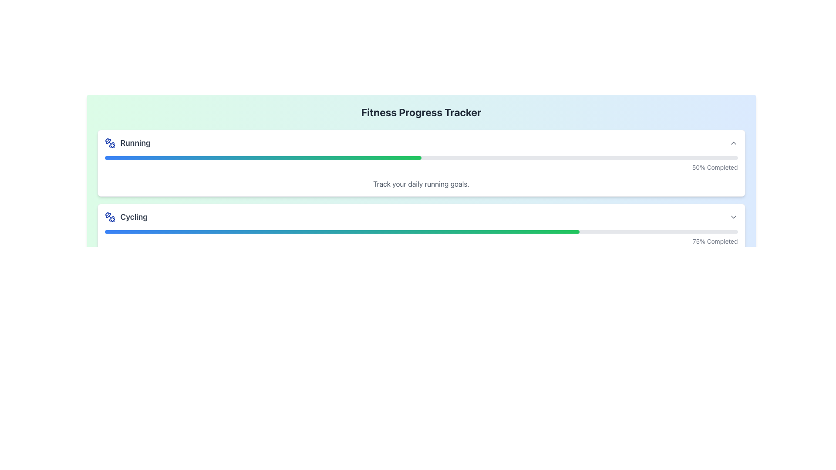 This screenshot has height=470, width=836. Describe the element at coordinates (421, 231) in the screenshot. I see `the second progress bar labeled 'Cycling', which visually represents the progress of the cycling activity` at that location.